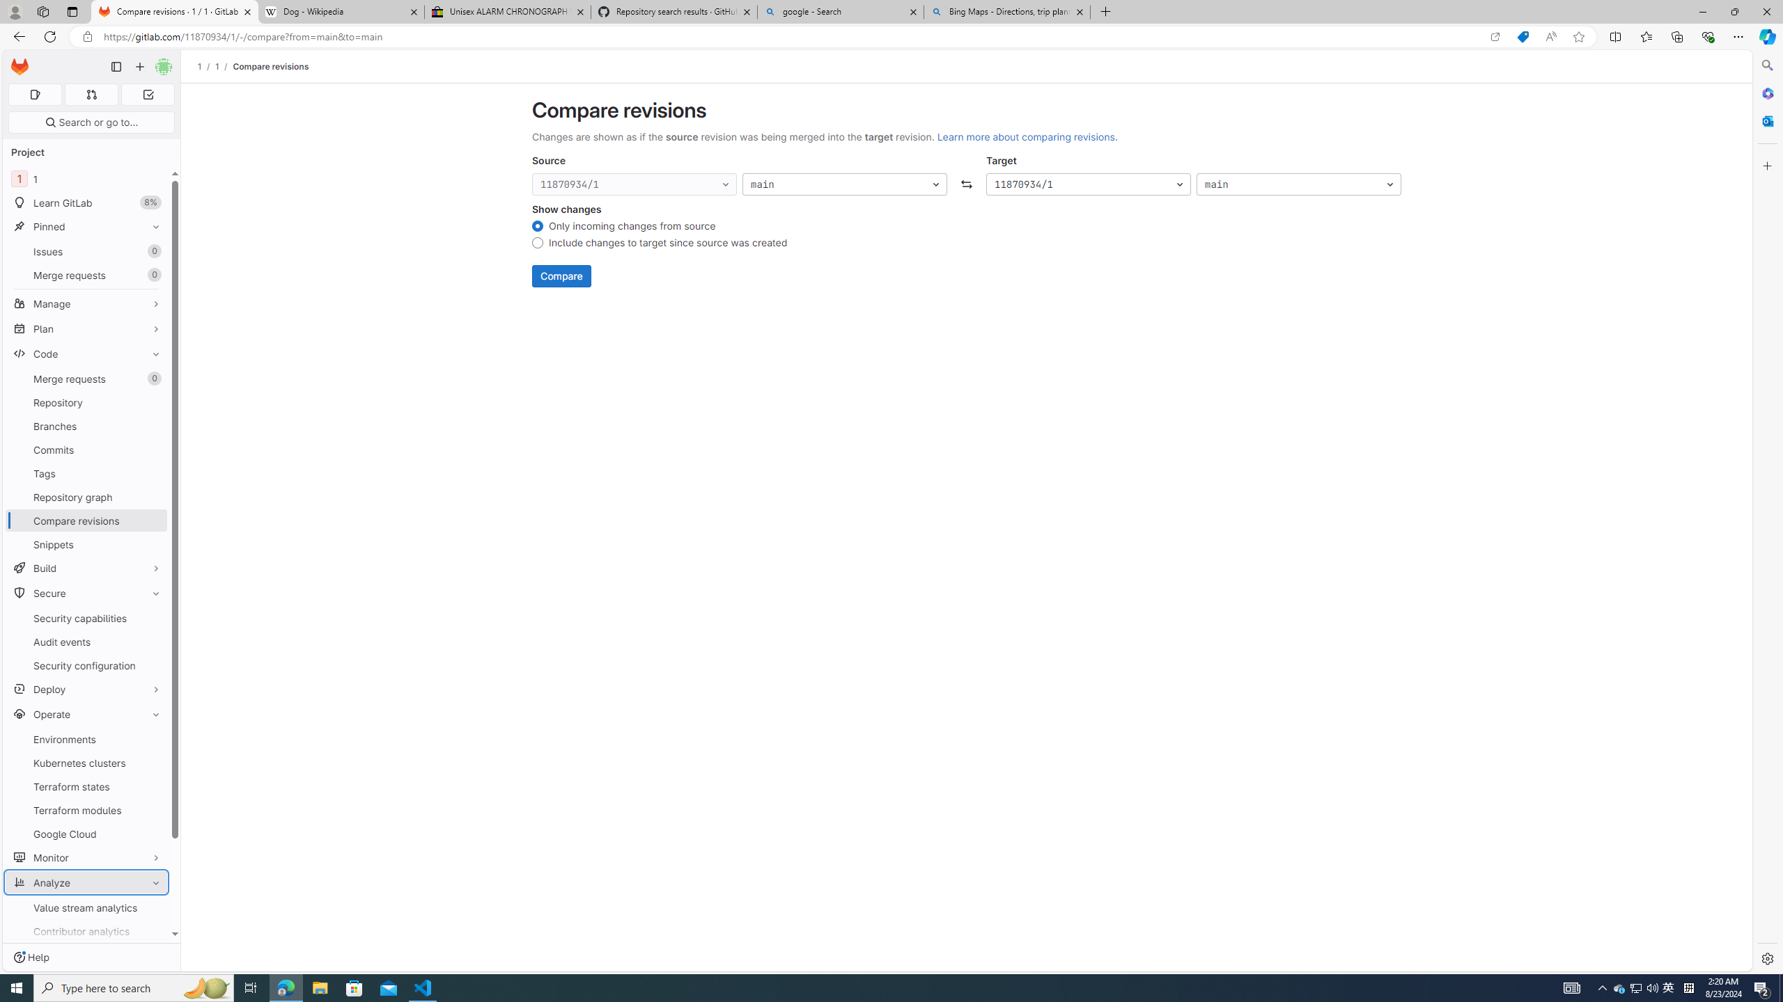 The image size is (1783, 1002). Describe the element at coordinates (86, 592) in the screenshot. I see `'Secure'` at that location.